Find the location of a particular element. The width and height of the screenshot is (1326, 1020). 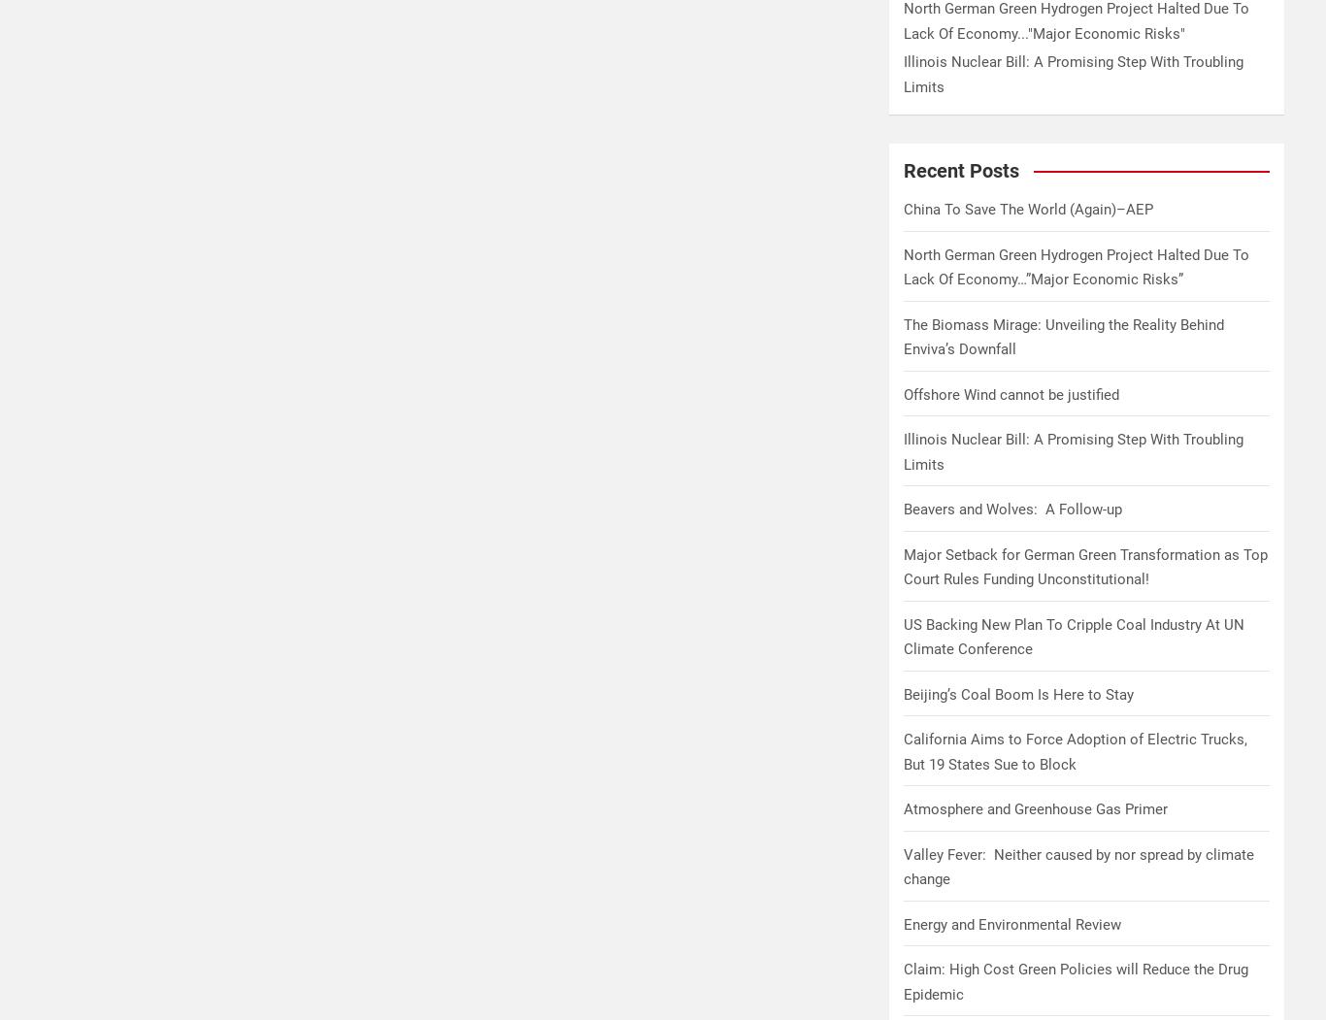

'Claim: High Cost Green Policies will Reduce the Drug Epidemic' is located at coordinates (1075, 981).